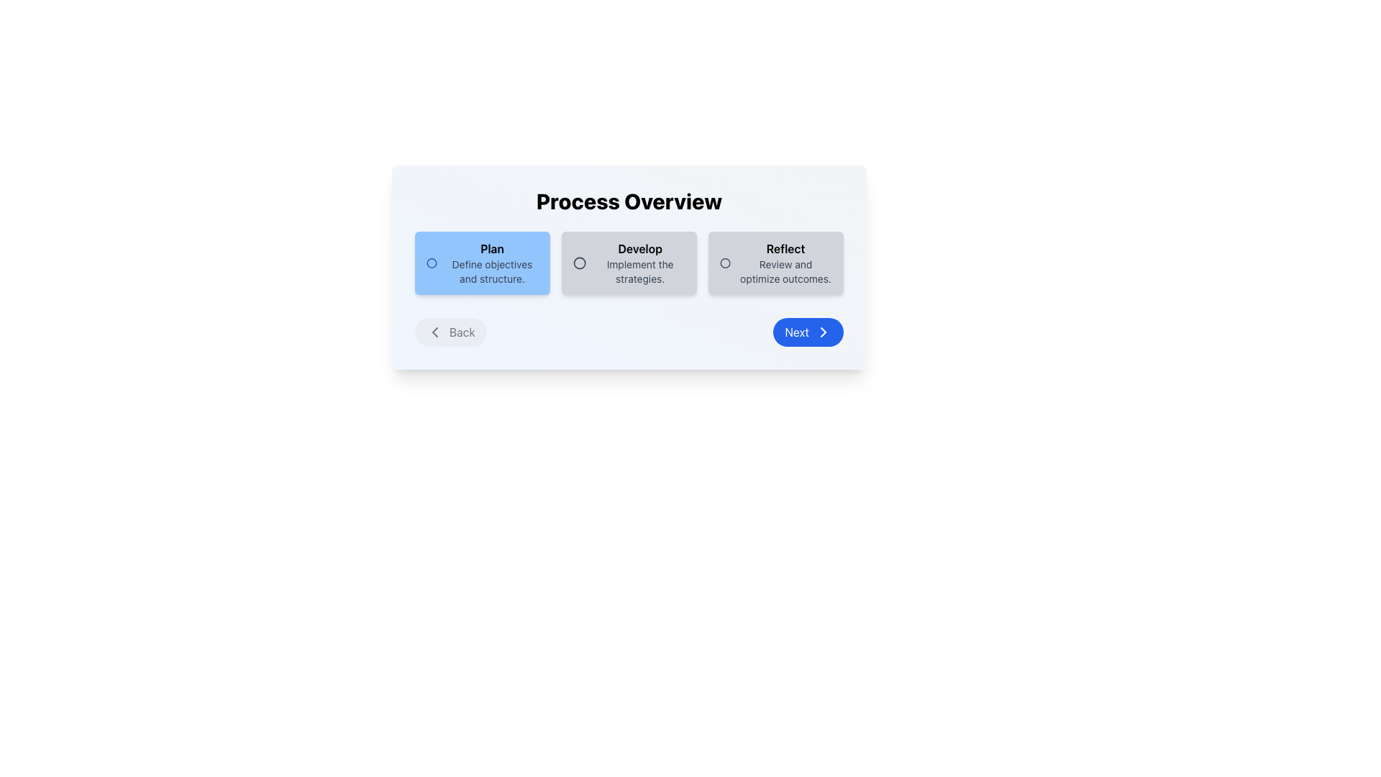 The image size is (1381, 777). What do you see at coordinates (450, 332) in the screenshot?
I see `the 'Back' button with a light gray background that changes to darker gray on hover, located on the left side of the Process Overview section` at bounding box center [450, 332].